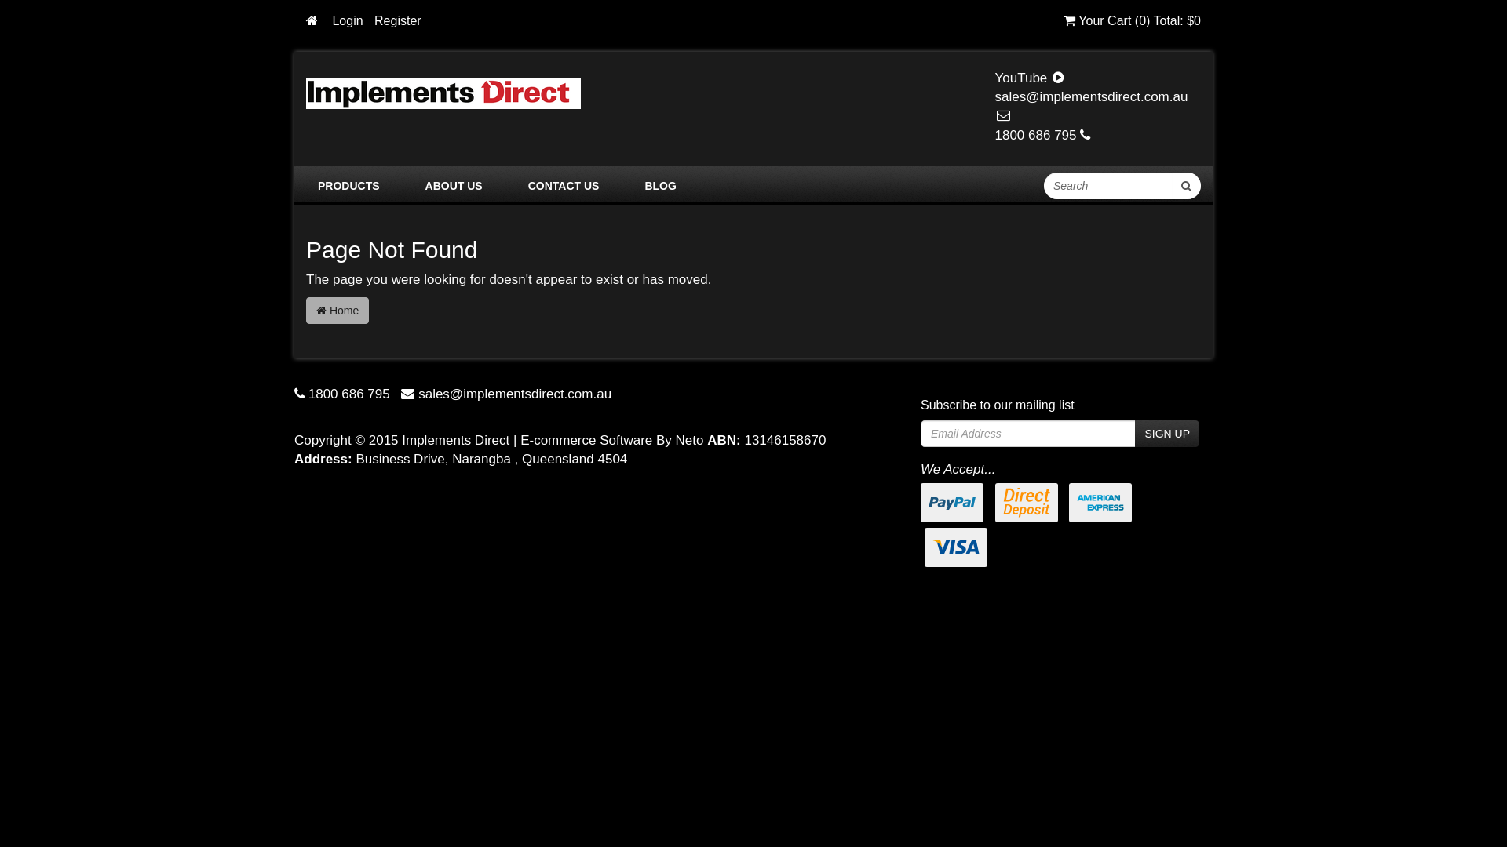 Image resolution: width=1507 pixels, height=847 pixels. I want to click on 'Login', so click(346, 20).